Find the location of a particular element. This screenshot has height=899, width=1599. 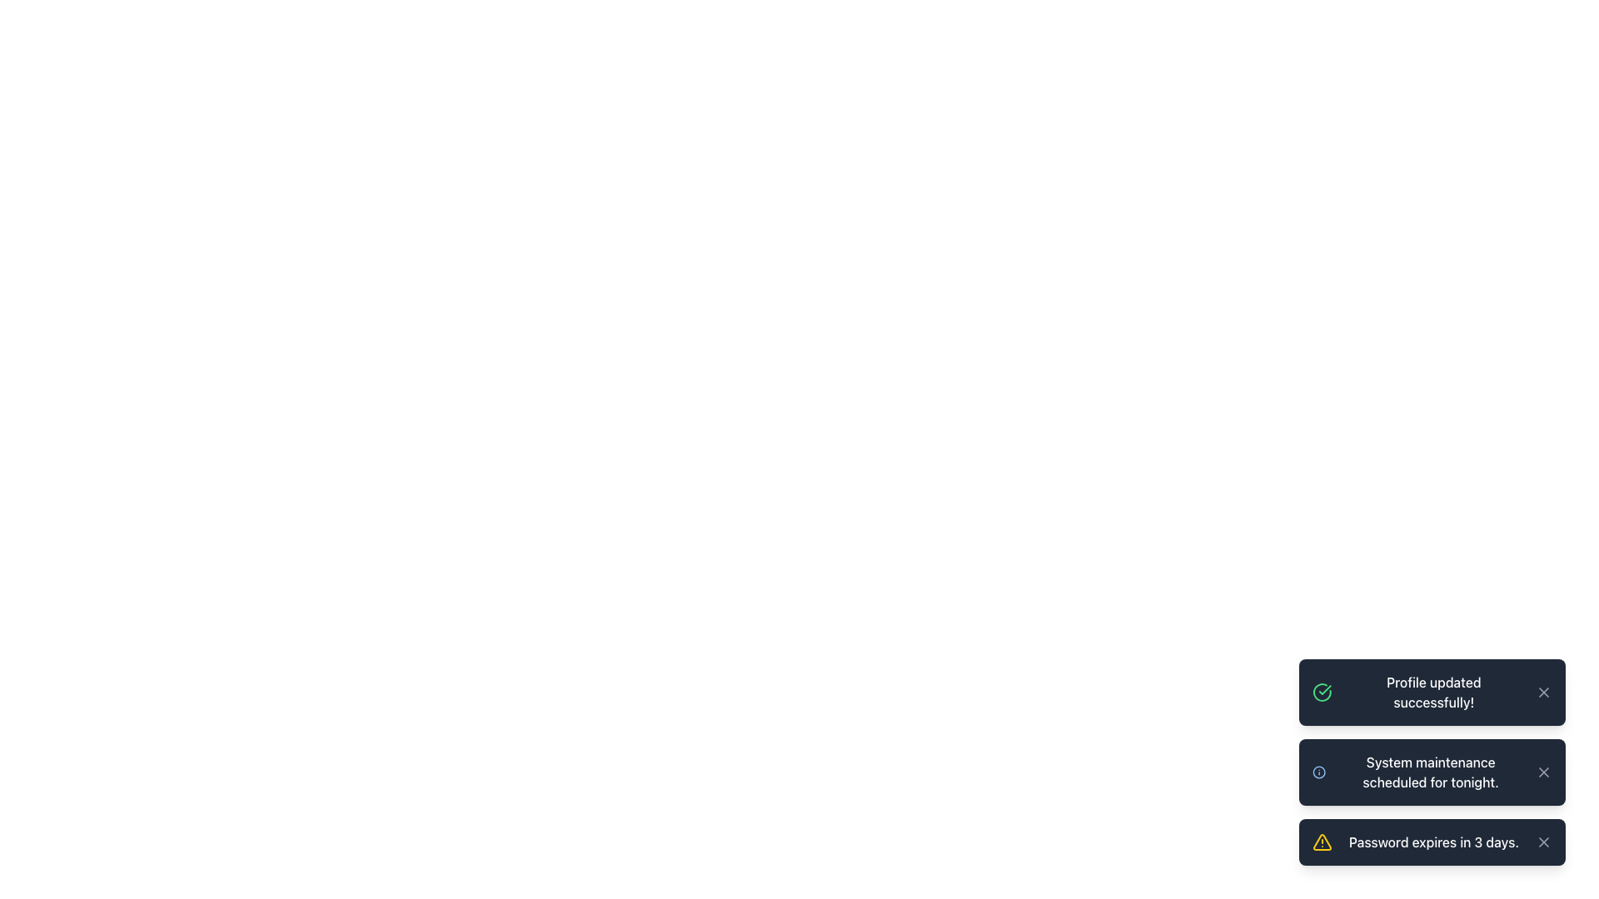

the blue circular 'info' icon located at the left of the notification card containing the message 'System maintenance scheduled for tonight.' is located at coordinates (1318, 772).